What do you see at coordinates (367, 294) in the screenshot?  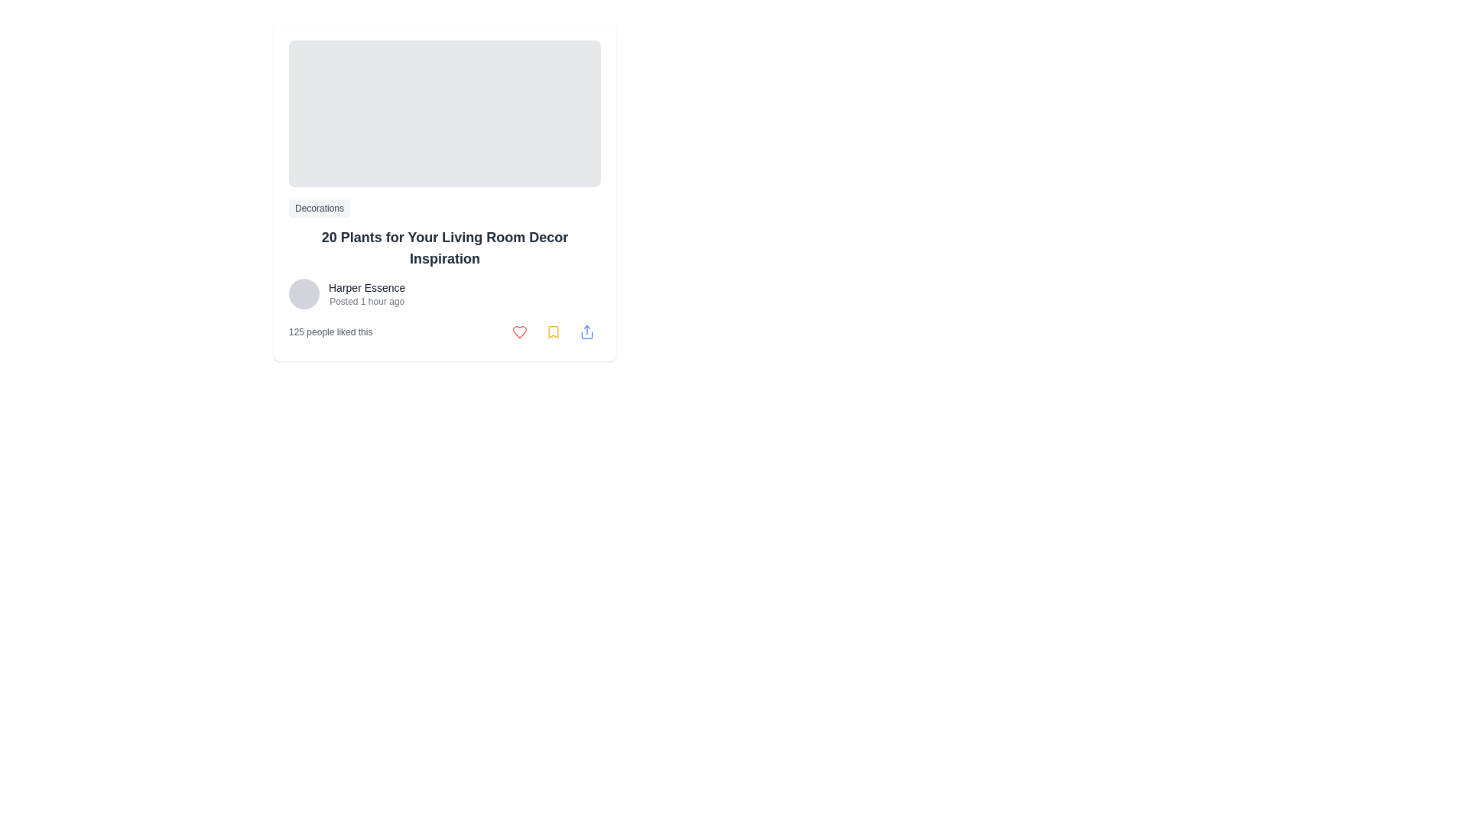 I see `the Information display block containing the text 'Harper Essence' and 'Posted 1 hour ago'` at bounding box center [367, 294].